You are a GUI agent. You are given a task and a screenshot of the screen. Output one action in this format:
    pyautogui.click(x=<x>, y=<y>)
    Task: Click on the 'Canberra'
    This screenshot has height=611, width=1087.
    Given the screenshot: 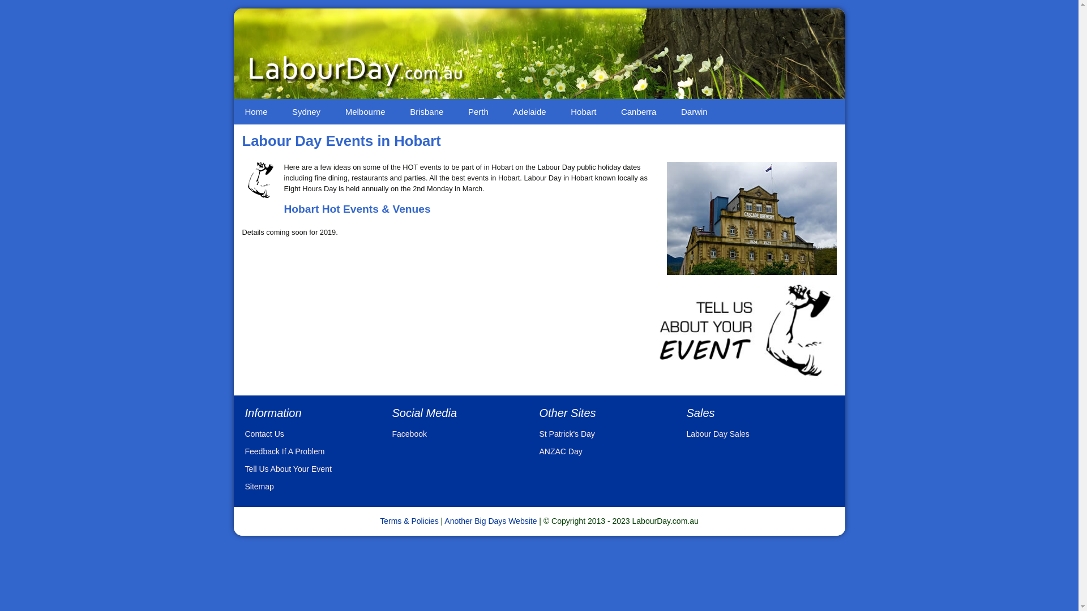 What is the action you would take?
    pyautogui.click(x=639, y=111)
    